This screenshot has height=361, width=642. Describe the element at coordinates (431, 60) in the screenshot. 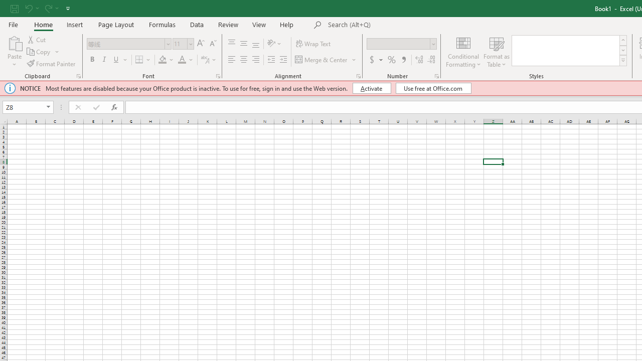

I see `'Decrease Decimal'` at that location.